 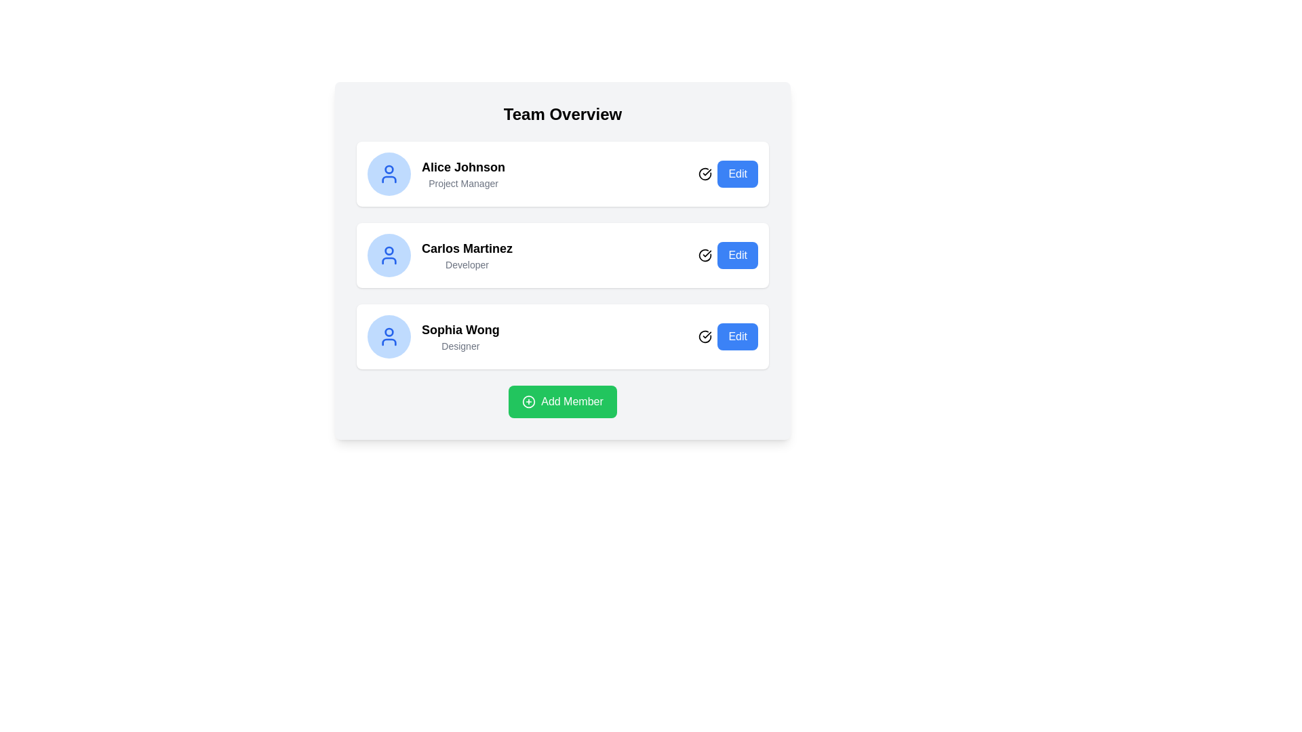 What do you see at coordinates (460, 329) in the screenshot?
I see `the static text label displaying the name 'Sophia Wong' in the user profile list` at bounding box center [460, 329].